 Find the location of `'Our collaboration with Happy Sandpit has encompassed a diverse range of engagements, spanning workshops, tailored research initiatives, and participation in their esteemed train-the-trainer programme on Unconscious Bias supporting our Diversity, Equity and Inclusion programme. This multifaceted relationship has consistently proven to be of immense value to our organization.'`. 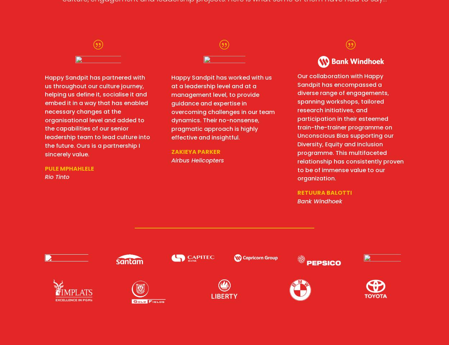

'Our collaboration with Happy Sandpit has encompassed a diverse range of engagements, spanning workshops, tailored research initiatives, and participation in their esteemed train-the-trainer programme on Unconscious Bias supporting our Diversity, Equity and Inclusion programme. This multifaceted relationship has consistently proven to be of immense value to our organization.' is located at coordinates (350, 127).